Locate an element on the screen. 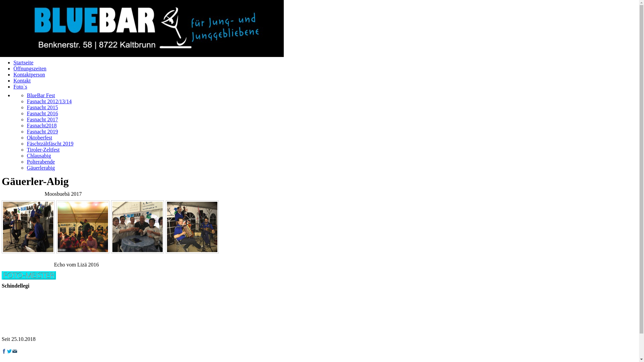  'Foto`s' is located at coordinates (20, 86).